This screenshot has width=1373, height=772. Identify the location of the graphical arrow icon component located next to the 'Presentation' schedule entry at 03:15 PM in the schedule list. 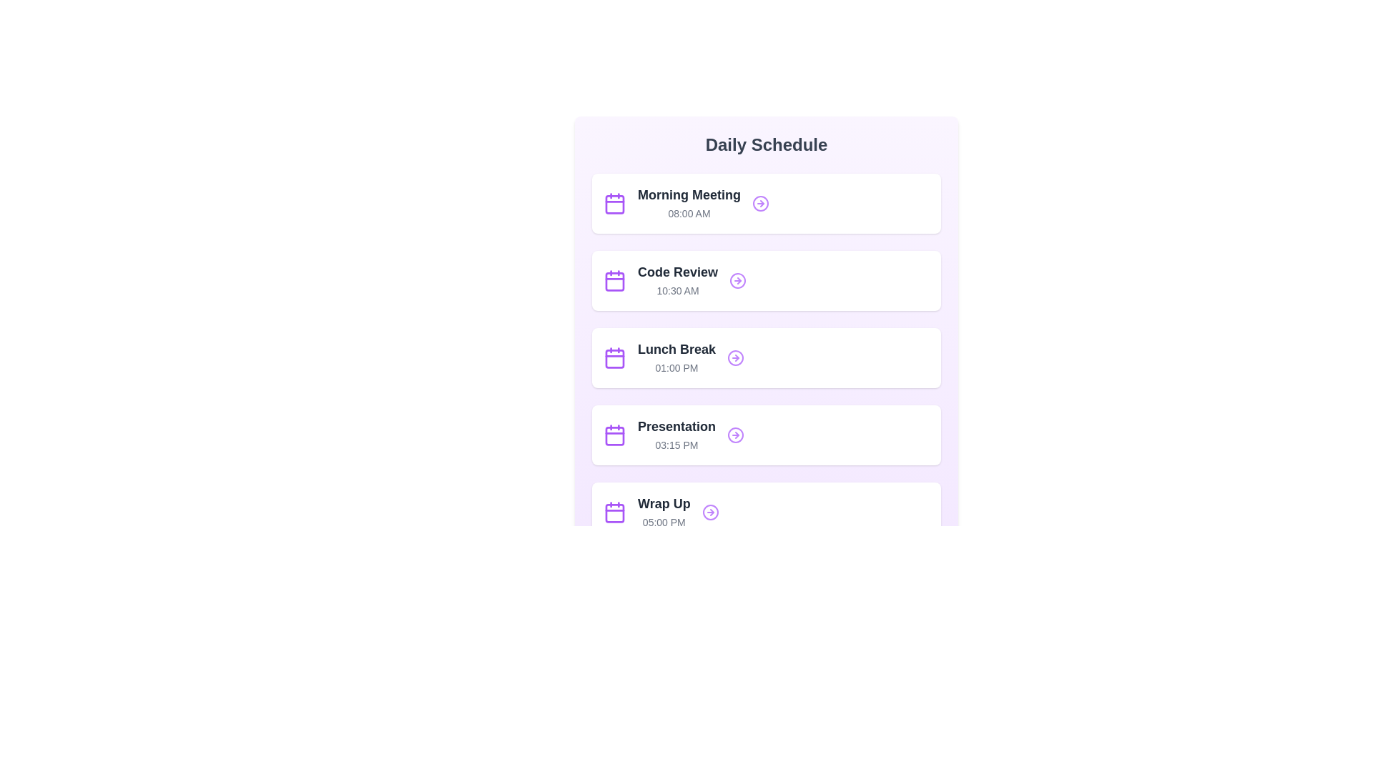
(736, 435).